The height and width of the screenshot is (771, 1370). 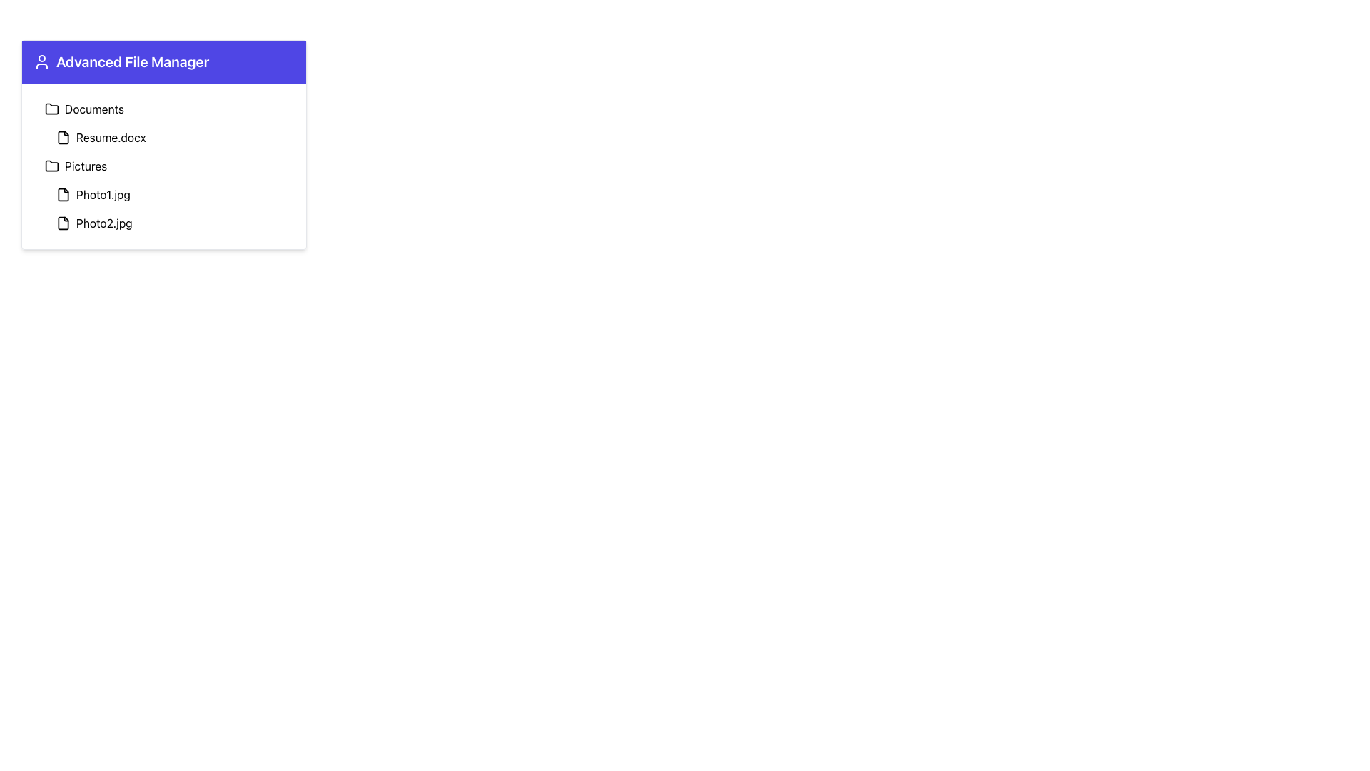 What do you see at coordinates (63, 223) in the screenshot?
I see `the icon representing the file 'Photo2.jpg' located in the second entry of the 'Pictures' category, aligned to the left of the text label` at bounding box center [63, 223].